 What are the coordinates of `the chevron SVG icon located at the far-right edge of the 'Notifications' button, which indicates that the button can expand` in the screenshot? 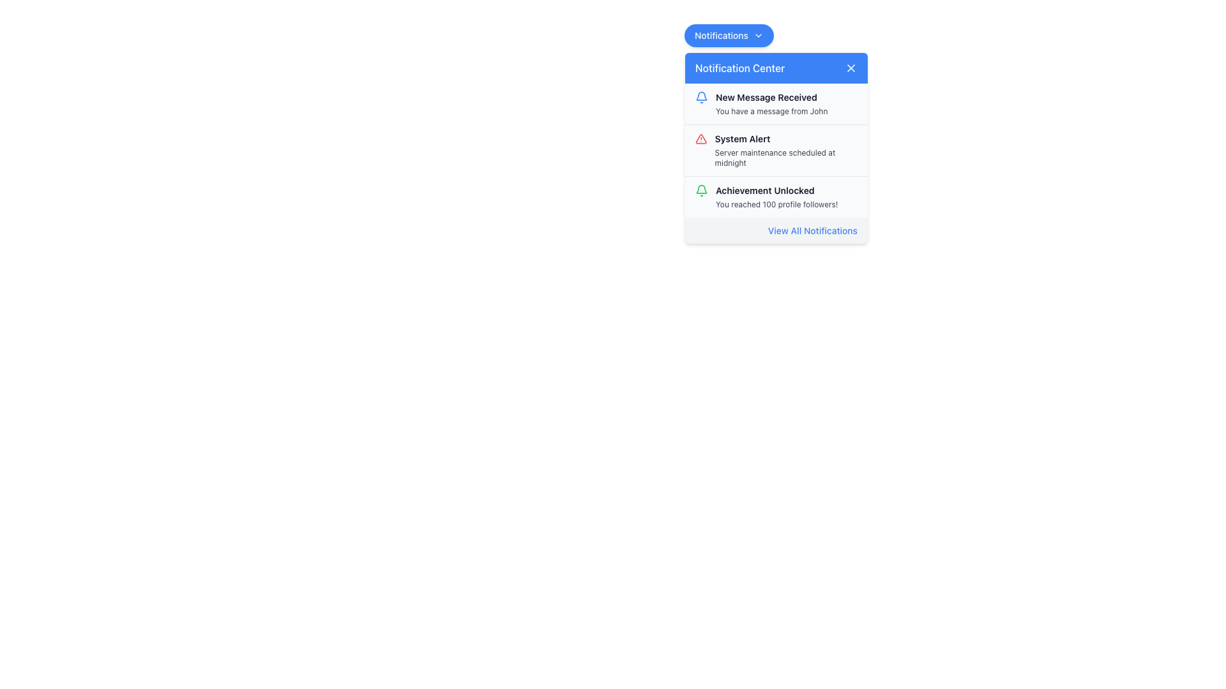 It's located at (759, 35).